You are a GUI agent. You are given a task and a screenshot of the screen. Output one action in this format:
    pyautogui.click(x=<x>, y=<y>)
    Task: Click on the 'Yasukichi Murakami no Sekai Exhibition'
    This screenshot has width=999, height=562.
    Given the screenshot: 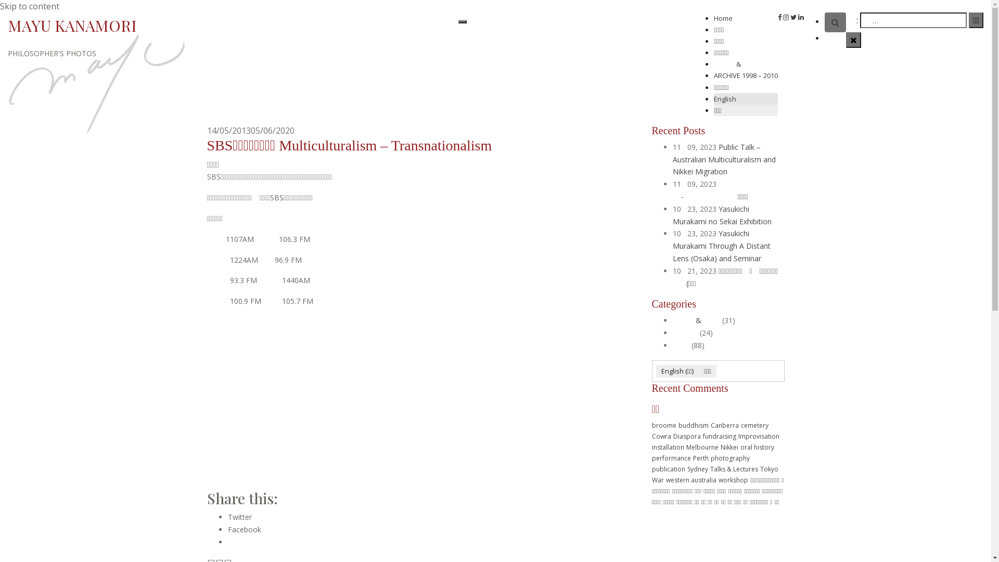 What is the action you would take?
    pyautogui.click(x=721, y=214)
    